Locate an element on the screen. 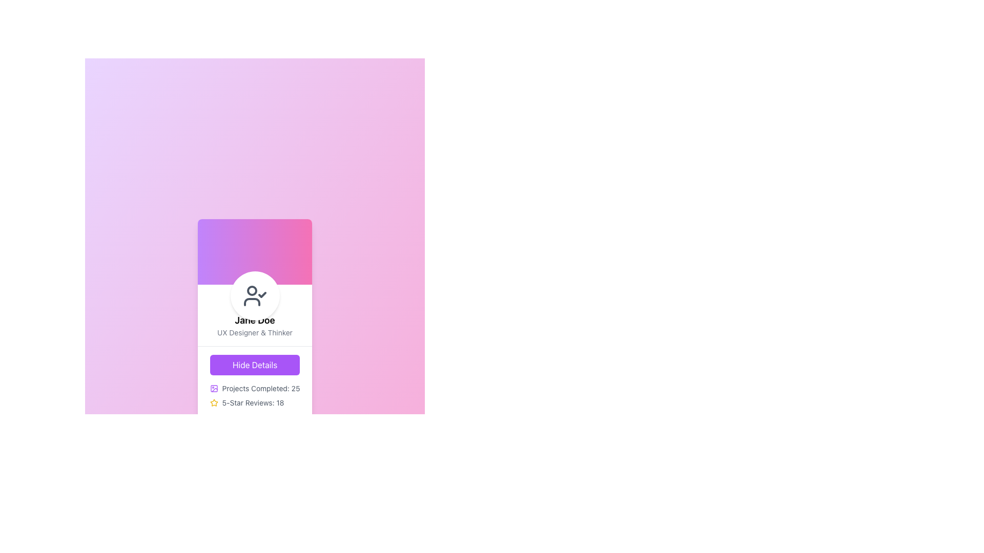 This screenshot has width=984, height=553. the static information display that shows 'Projects Completed: 25' and '5-Star Reviews: 18', located below the 'Hide Details' button in the card layout is located at coordinates (255, 395).